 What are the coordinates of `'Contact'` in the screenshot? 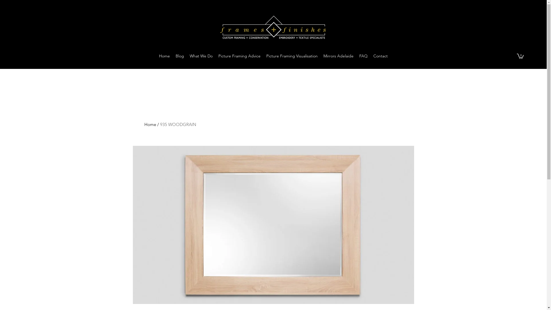 It's located at (380, 56).